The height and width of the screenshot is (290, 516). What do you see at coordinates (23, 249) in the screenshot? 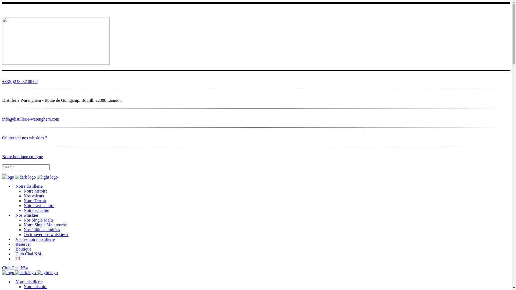
I see `'Boutique'` at bounding box center [23, 249].